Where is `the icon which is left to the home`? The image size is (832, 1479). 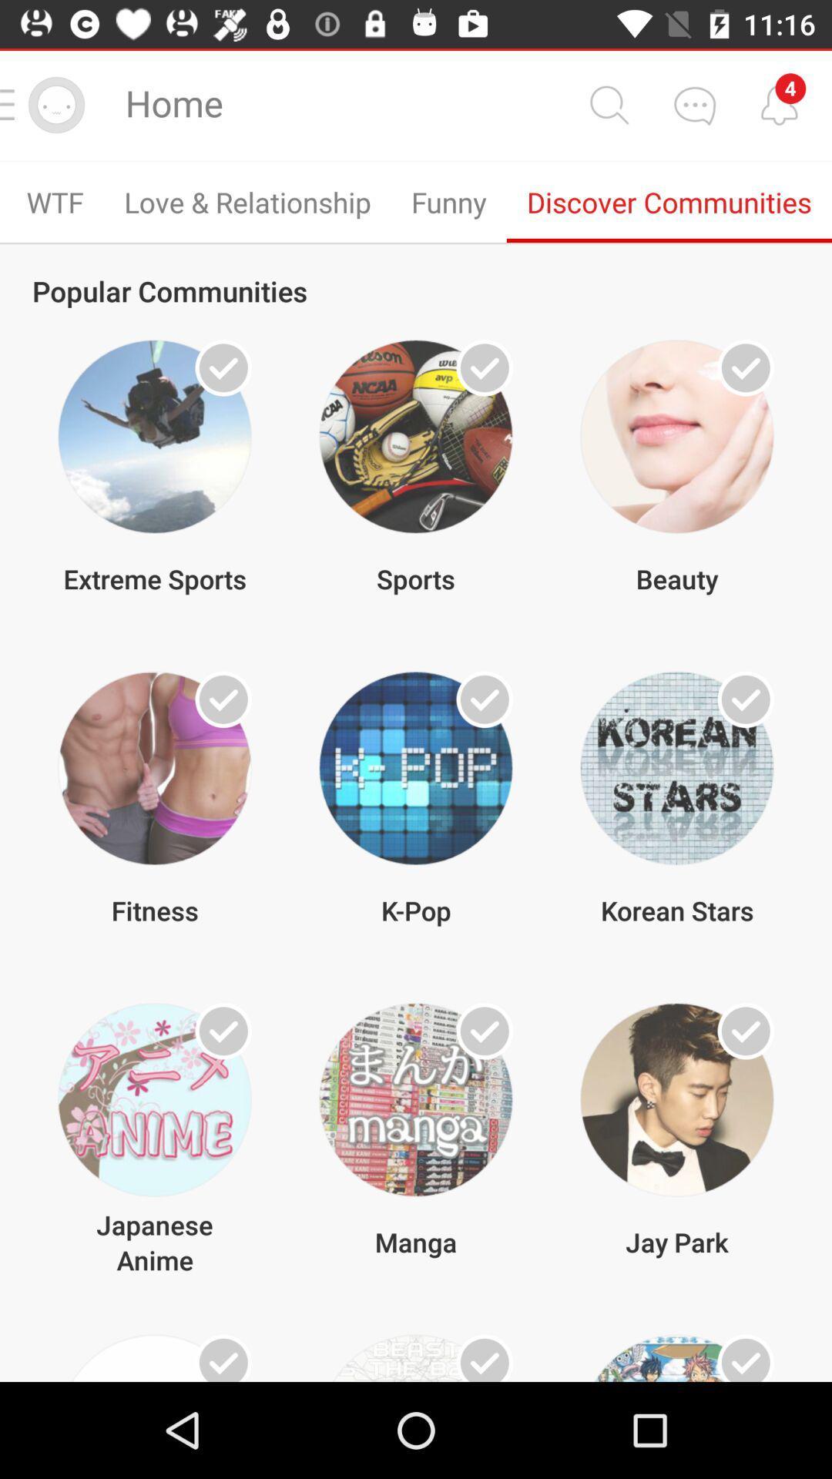 the icon which is left to the home is located at coordinates (55, 104).